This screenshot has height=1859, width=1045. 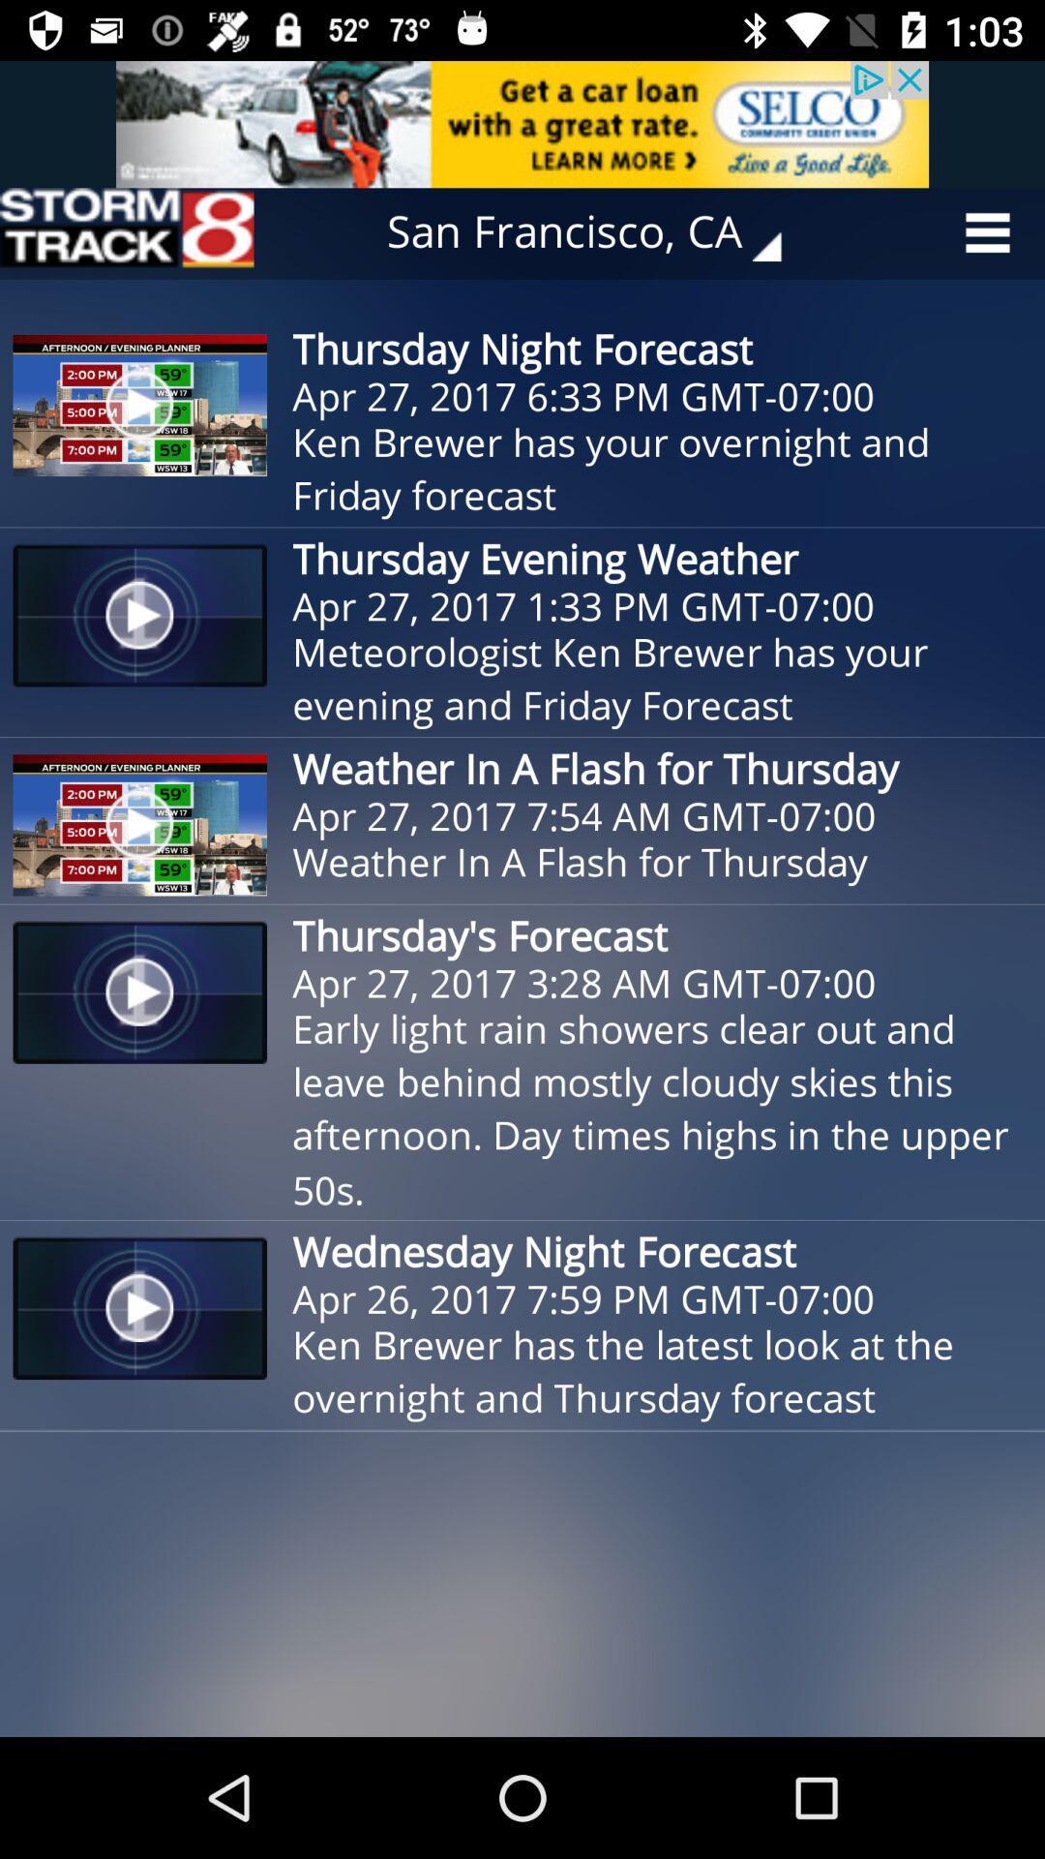 What do you see at coordinates (522, 123) in the screenshot?
I see `click advertisement` at bounding box center [522, 123].